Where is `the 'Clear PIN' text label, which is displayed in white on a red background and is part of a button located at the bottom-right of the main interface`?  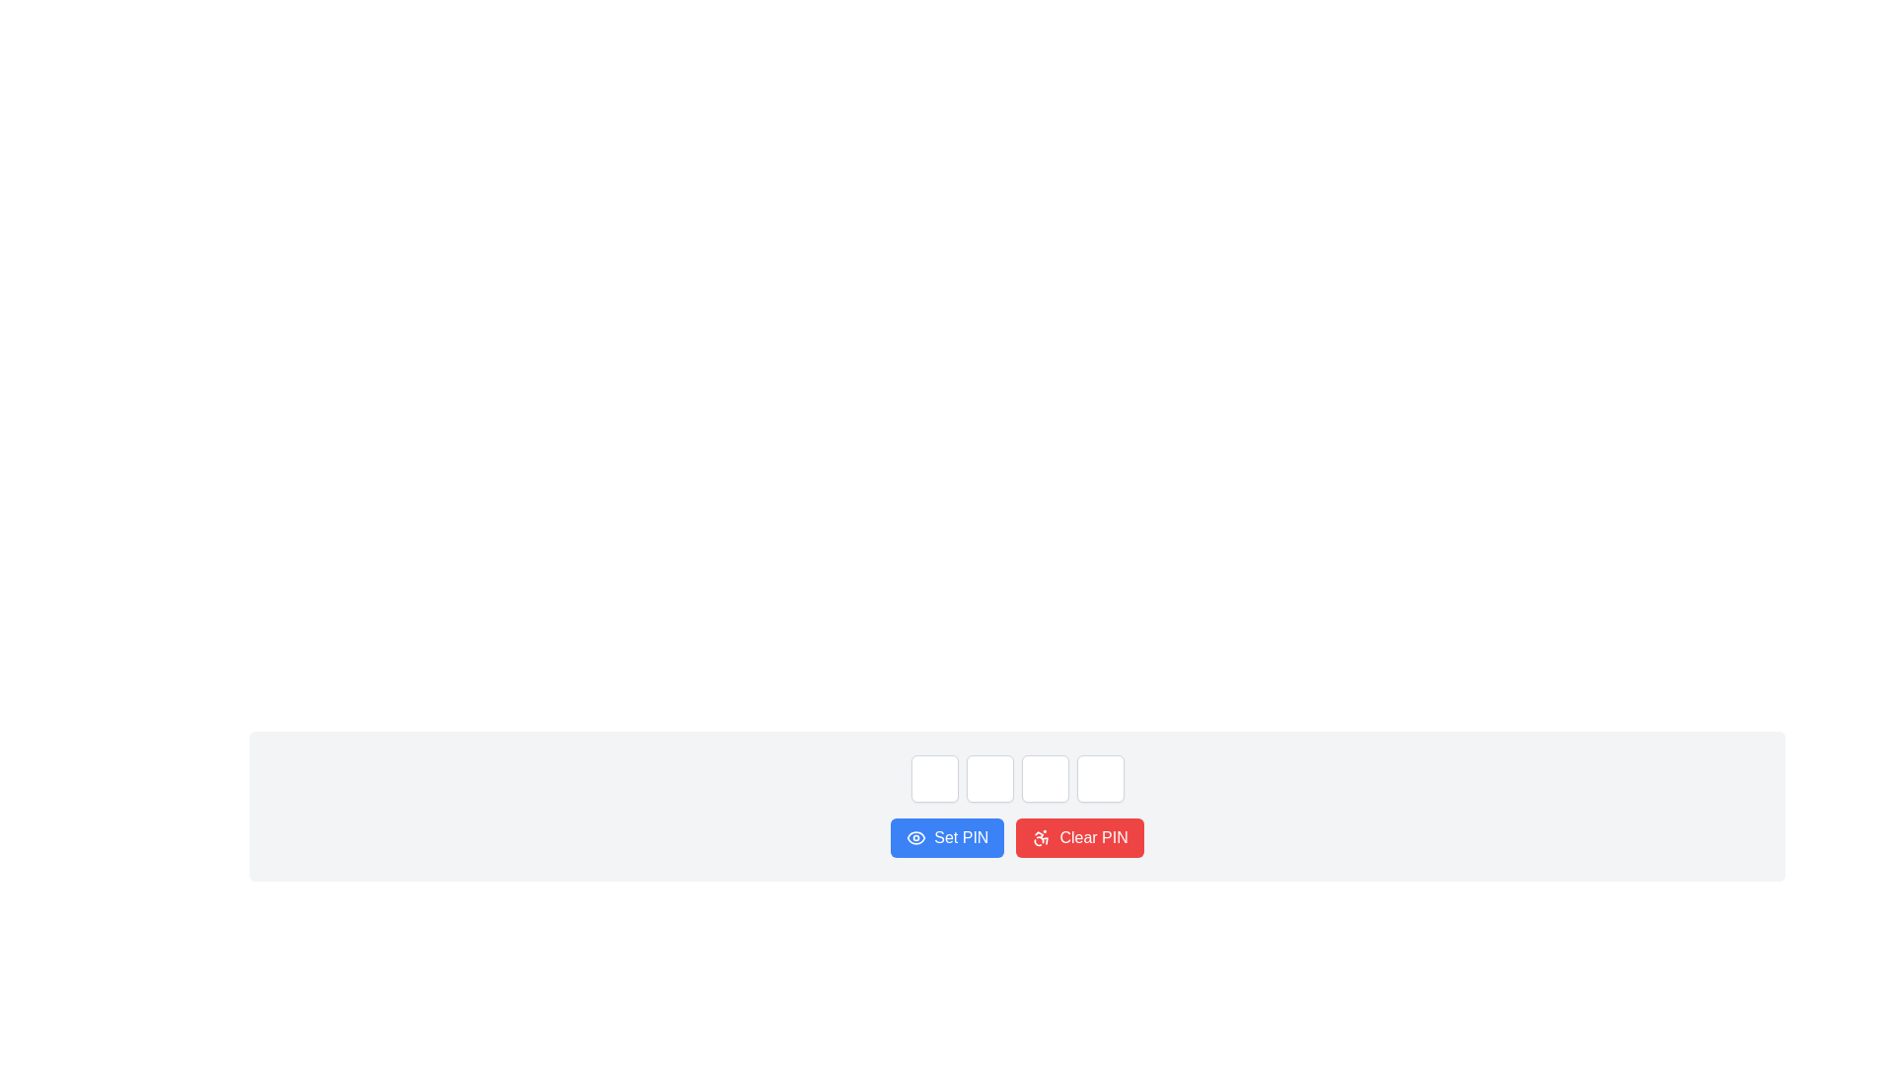
the 'Clear PIN' text label, which is displayed in white on a red background and is part of a button located at the bottom-right of the main interface is located at coordinates (1092, 837).